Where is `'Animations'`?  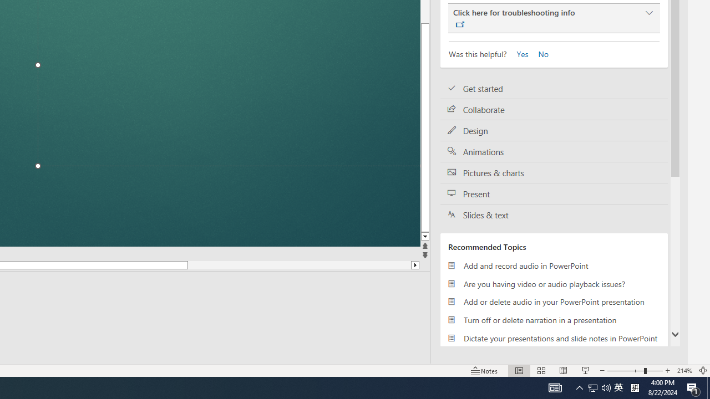 'Animations' is located at coordinates (554, 151).